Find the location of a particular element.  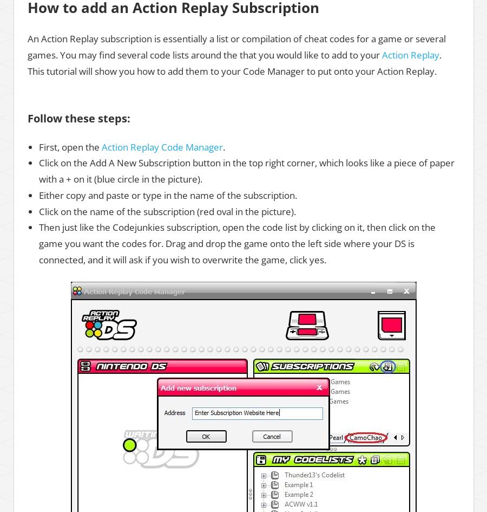

'Click on the name of the subscription (red oval in the picture).' is located at coordinates (167, 210).